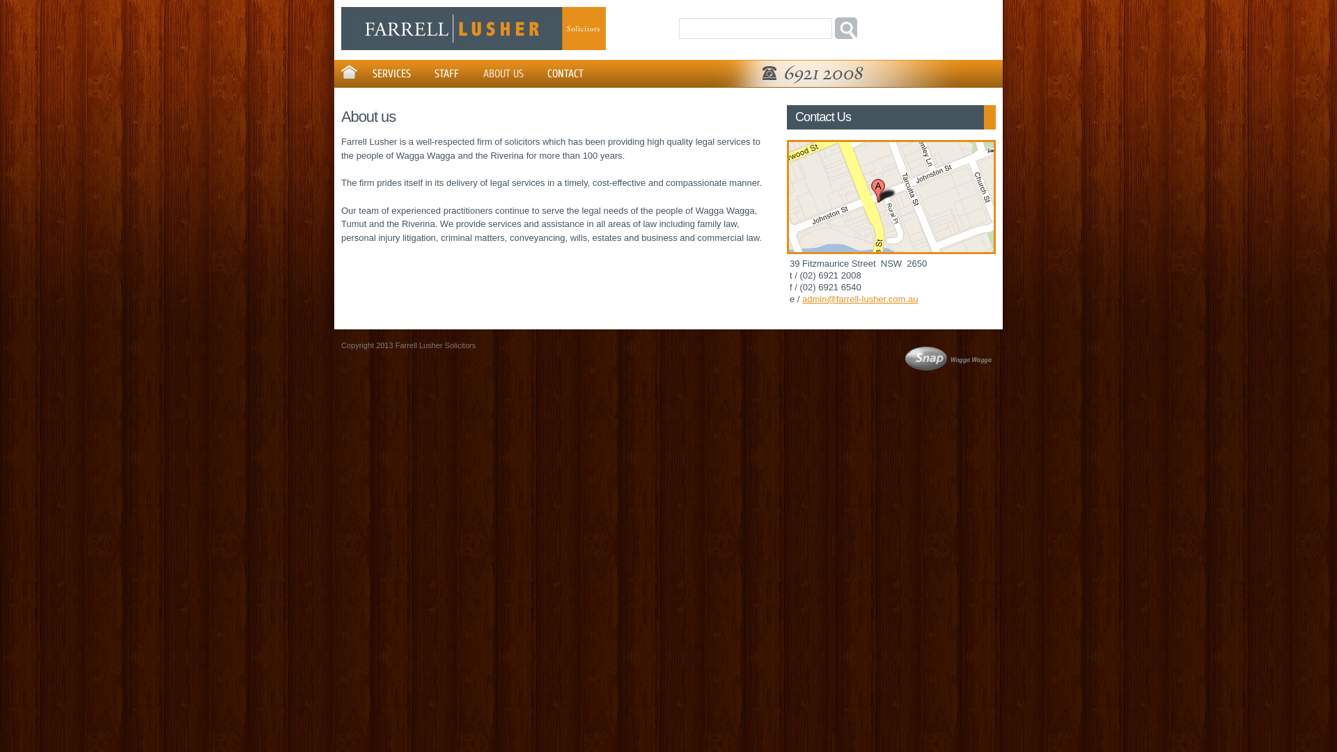  What do you see at coordinates (390, 73) in the screenshot?
I see `'SERVICES'` at bounding box center [390, 73].